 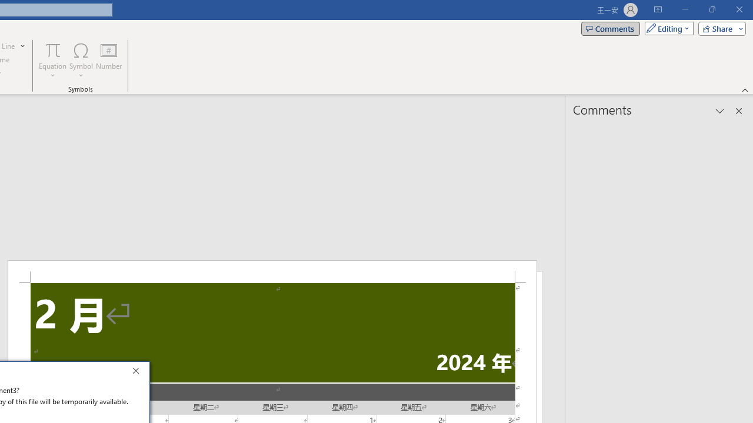 I want to click on 'Symbol', so click(x=81, y=61).